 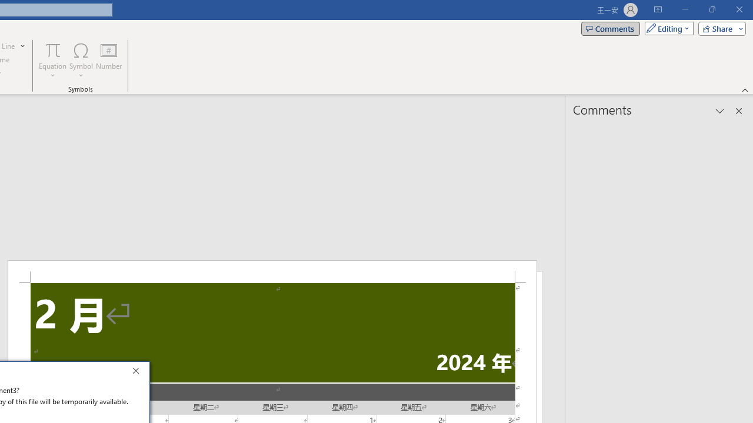 I want to click on 'Symbol', so click(x=81, y=61).